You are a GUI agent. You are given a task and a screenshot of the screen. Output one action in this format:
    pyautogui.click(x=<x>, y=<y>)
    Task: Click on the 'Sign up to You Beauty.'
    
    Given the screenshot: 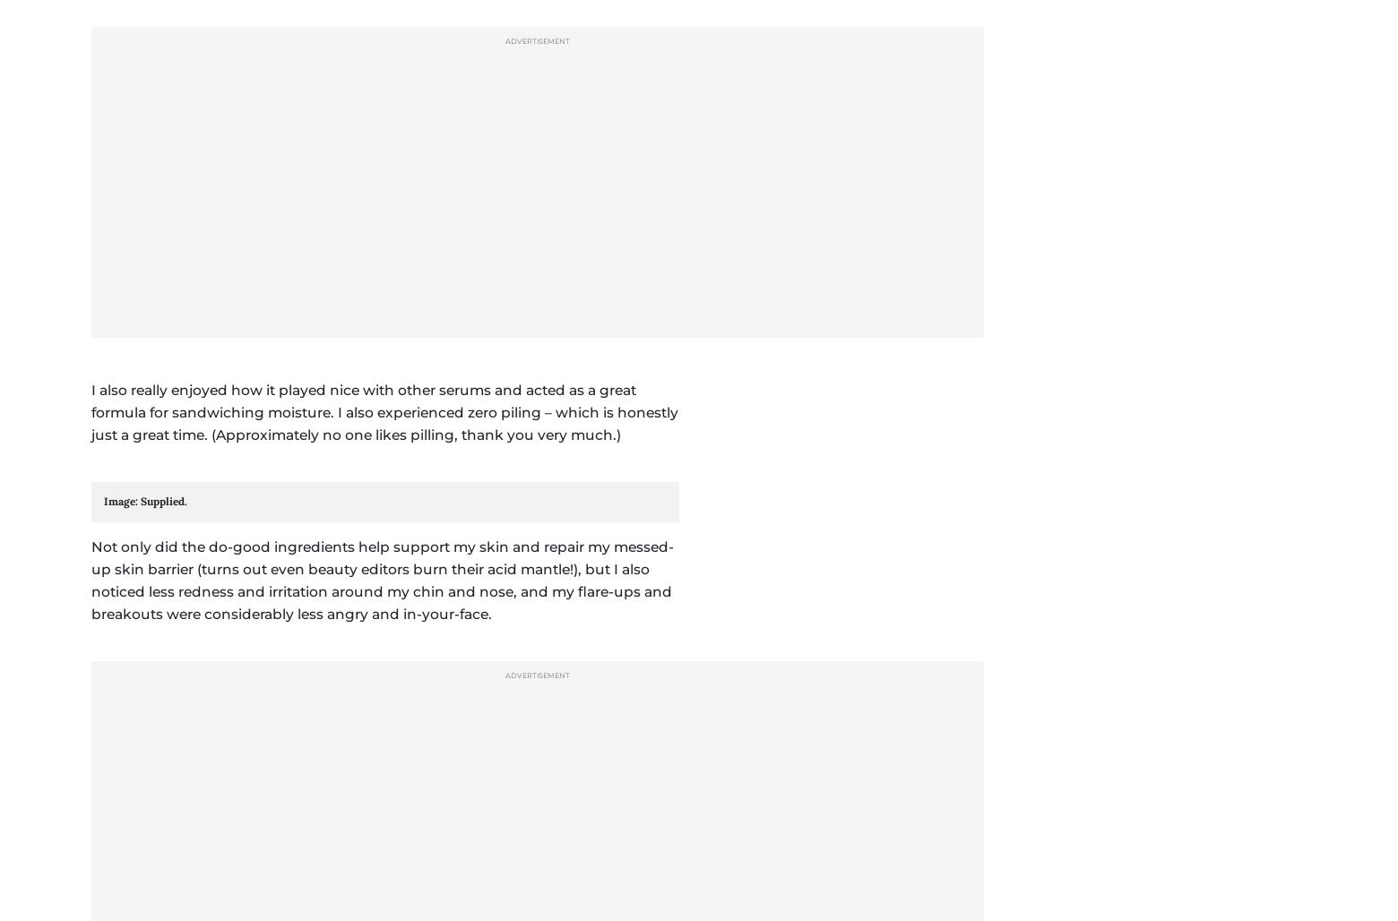 What is the action you would take?
    pyautogui.click(x=417, y=469)
    